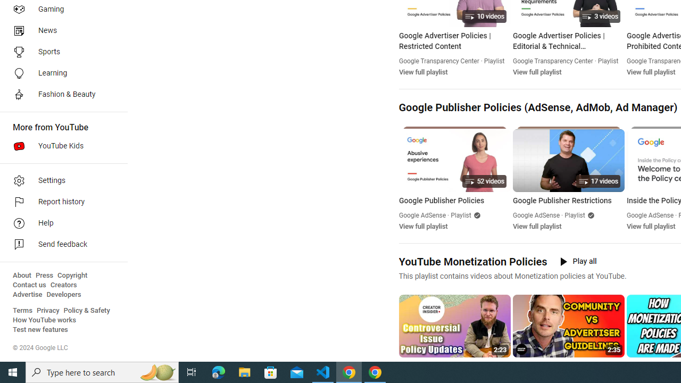 Image resolution: width=681 pixels, height=383 pixels. I want to click on 'Google Publisher Restrictions', so click(568, 201).